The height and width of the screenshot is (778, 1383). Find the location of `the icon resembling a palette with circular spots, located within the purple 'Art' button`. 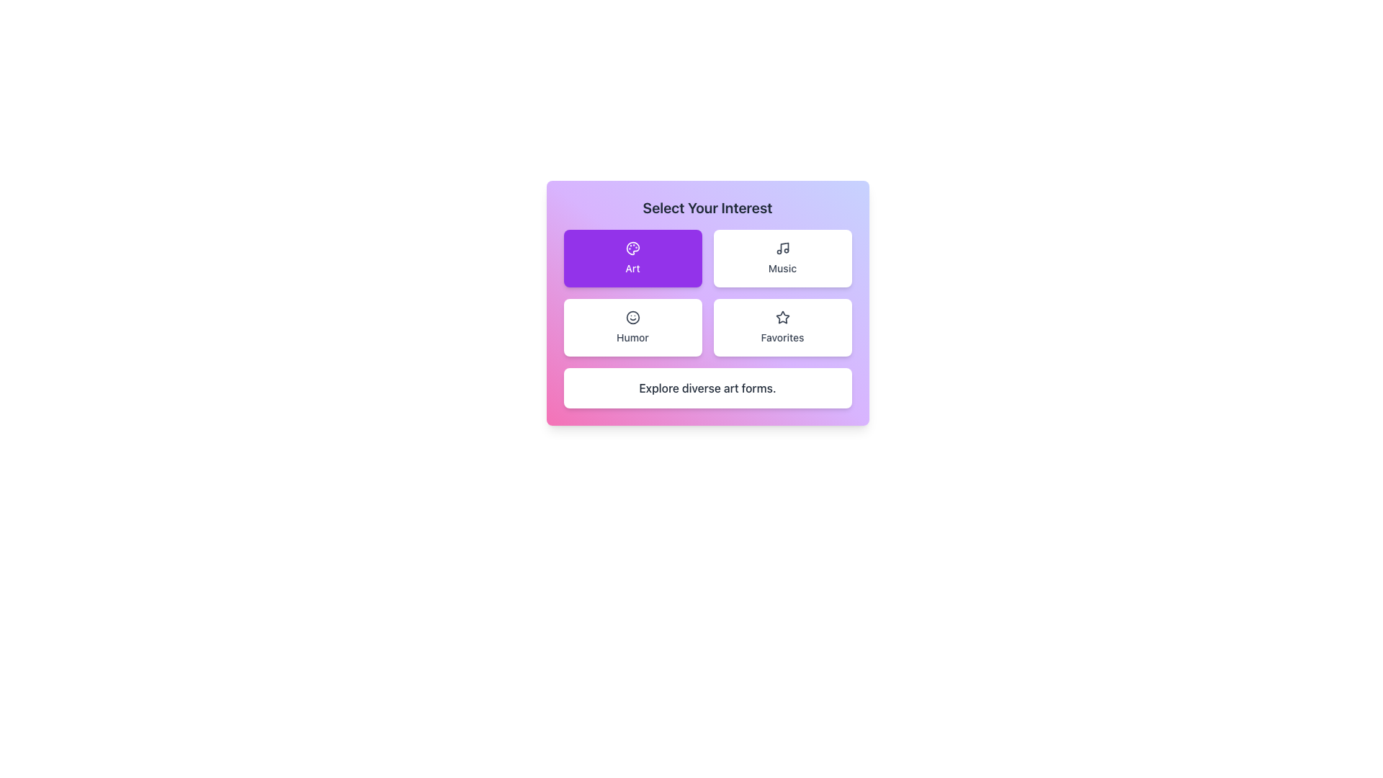

the icon resembling a palette with circular spots, located within the purple 'Art' button is located at coordinates (632, 247).